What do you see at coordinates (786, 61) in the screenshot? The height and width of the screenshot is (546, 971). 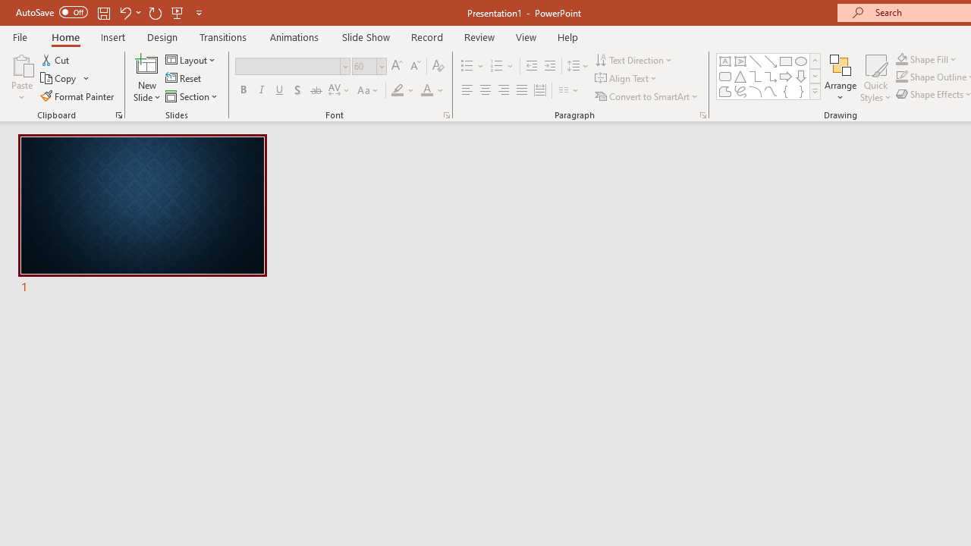 I see `'Rectangle'` at bounding box center [786, 61].